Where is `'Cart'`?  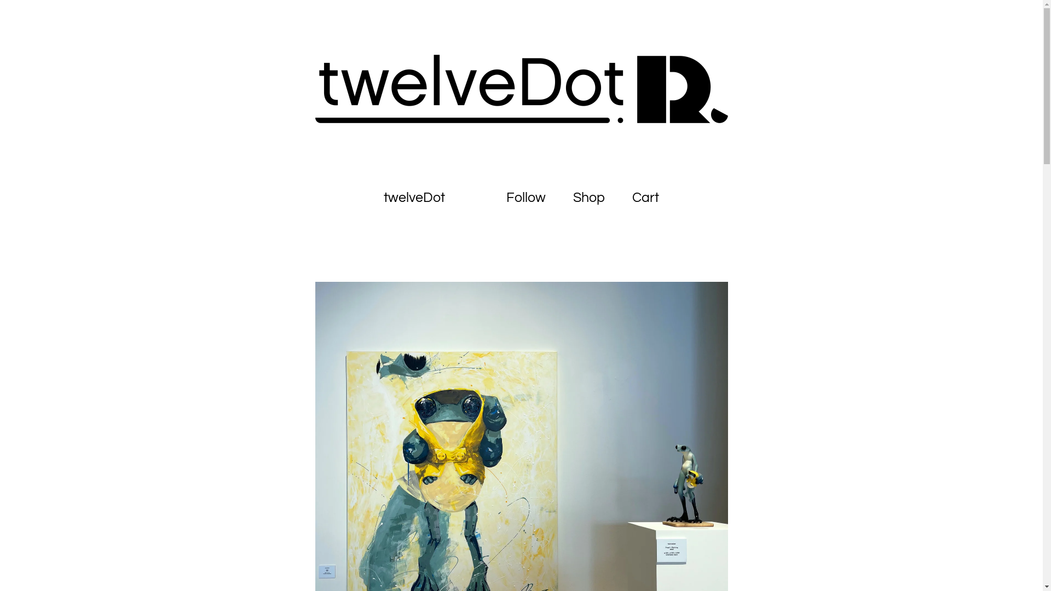 'Cart' is located at coordinates (645, 198).